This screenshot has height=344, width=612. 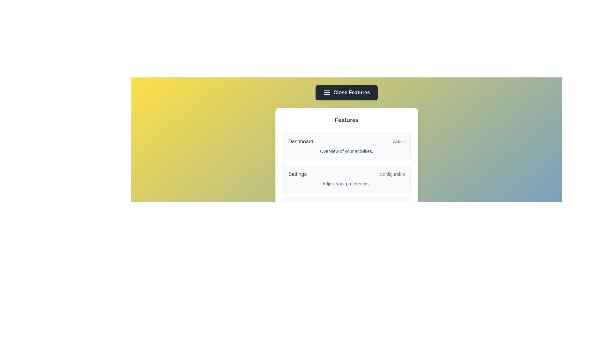 I want to click on the content of the 'Settings' label indicating it is 'Configurable', located in the secondary section of the interface under 'Features', so click(x=346, y=174).